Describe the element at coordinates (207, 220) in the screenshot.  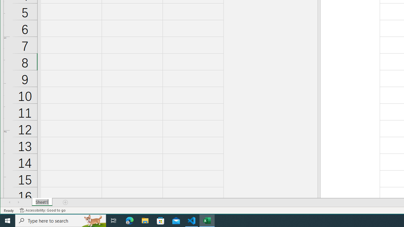
I see `'Excel - 1 running window'` at that location.